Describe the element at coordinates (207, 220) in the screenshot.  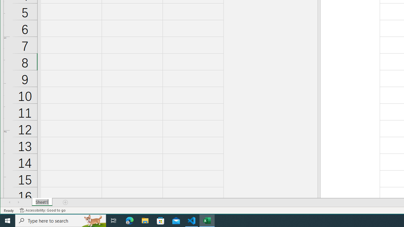
I see `'Excel - 1 running window'` at that location.